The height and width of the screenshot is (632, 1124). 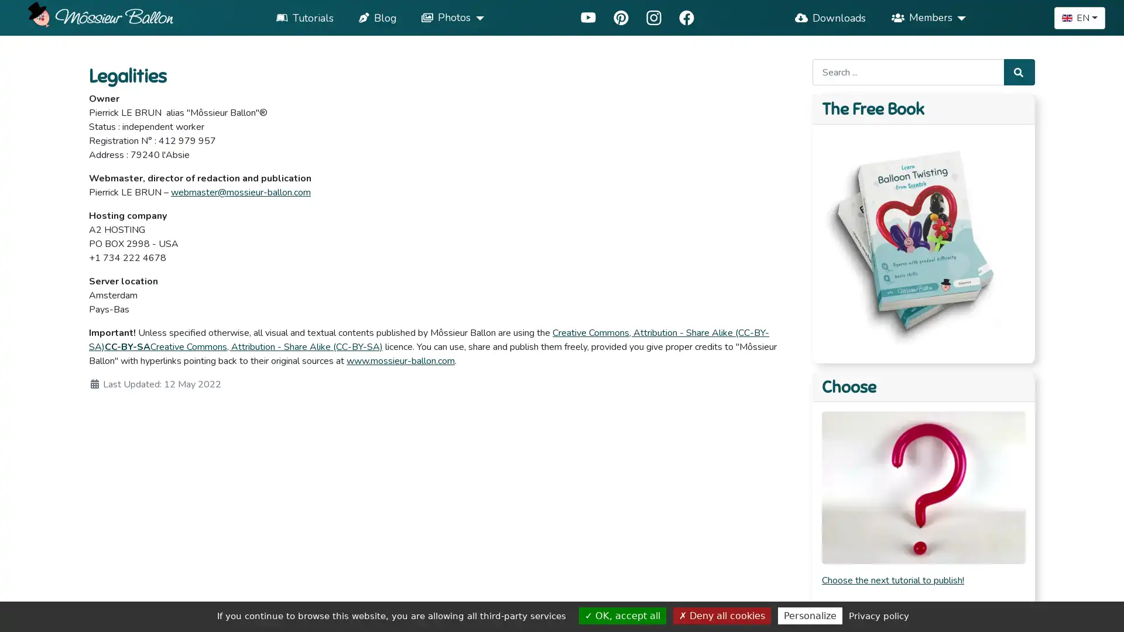 I want to click on OK, accept all, so click(x=622, y=615).